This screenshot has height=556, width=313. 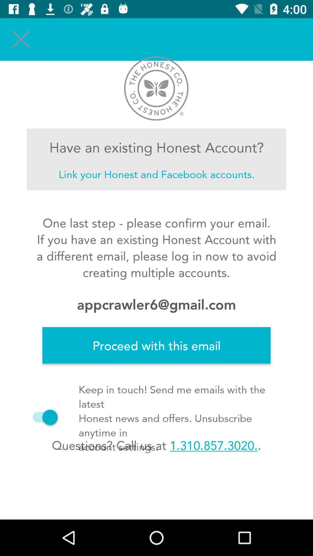 What do you see at coordinates (156, 345) in the screenshot?
I see `proceed with this item` at bounding box center [156, 345].